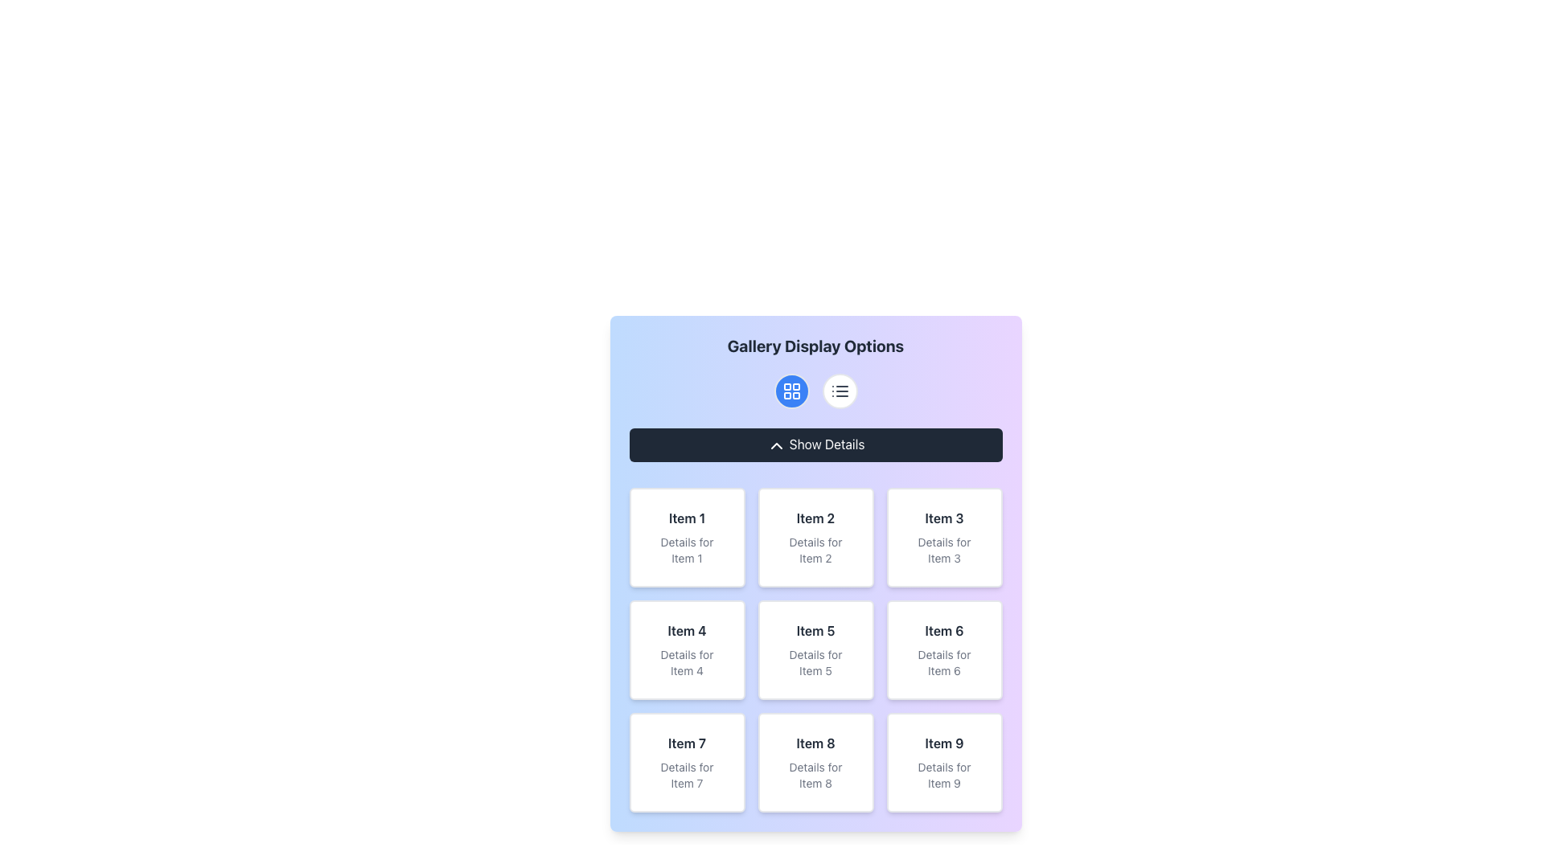 This screenshot has height=868, width=1544. What do you see at coordinates (944, 649) in the screenshot?
I see `the sixth card in the three-column grid that displays information about 'Item 6', located in the bottom-right corner of the middle row` at bounding box center [944, 649].